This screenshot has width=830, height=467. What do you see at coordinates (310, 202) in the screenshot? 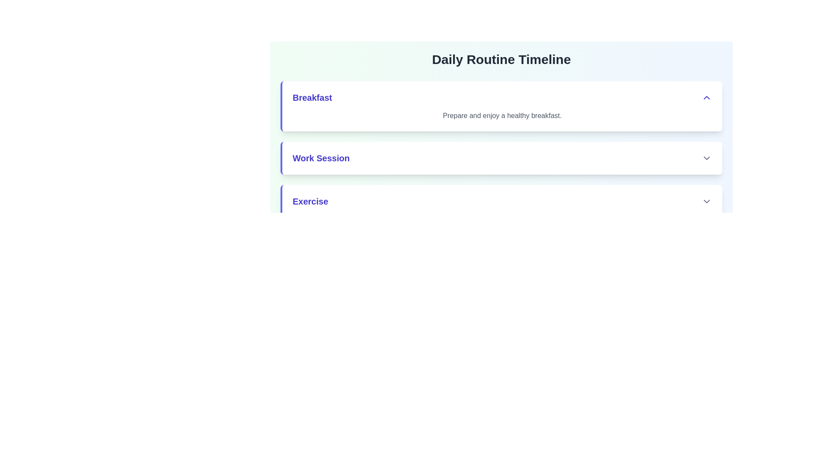
I see `the text label that serves as the title for the collapsible panel related to exercise tasks, located in the third section of a vertical list, immediately below the 'Work Session' section` at bounding box center [310, 202].